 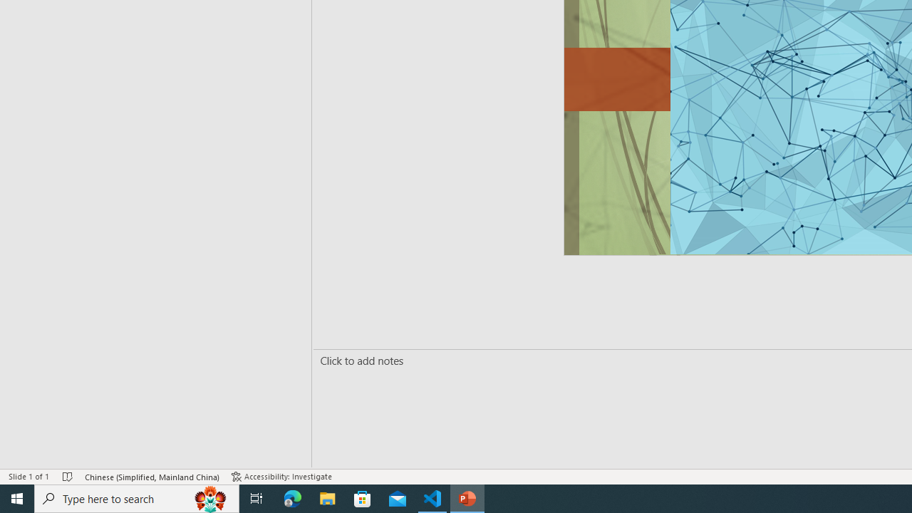 I want to click on 'PowerPoint - 1 running window', so click(x=467, y=497).